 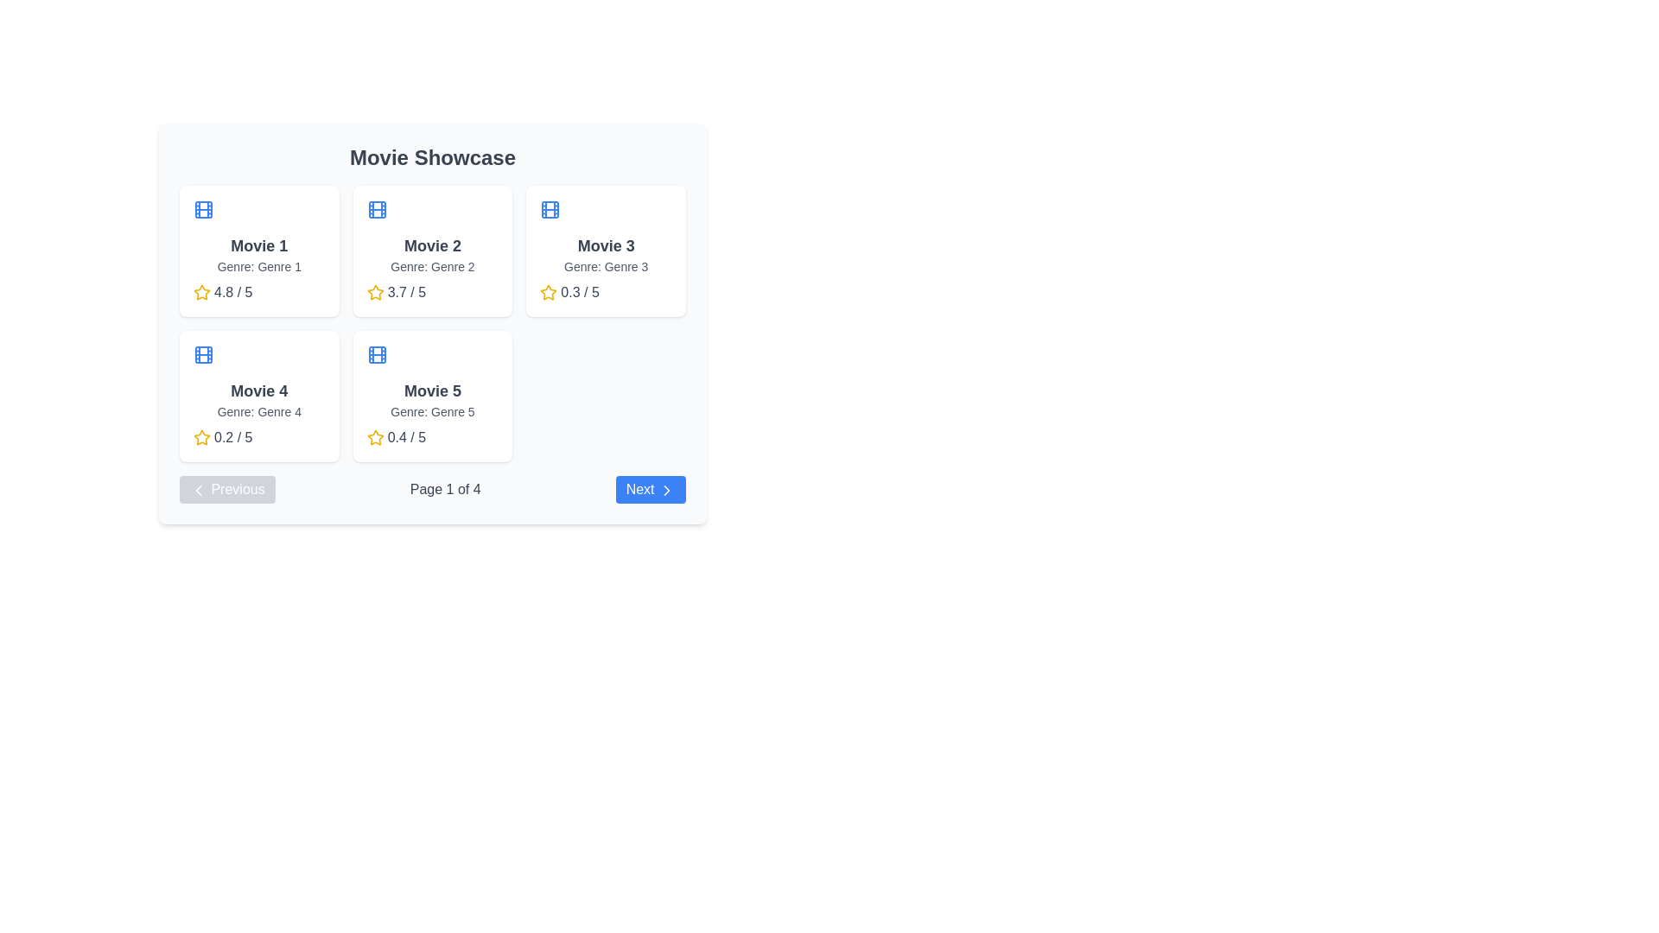 What do you see at coordinates (202, 292) in the screenshot?
I see `the yellow star icon representing the rating for 'Movie 1' to interact with it` at bounding box center [202, 292].